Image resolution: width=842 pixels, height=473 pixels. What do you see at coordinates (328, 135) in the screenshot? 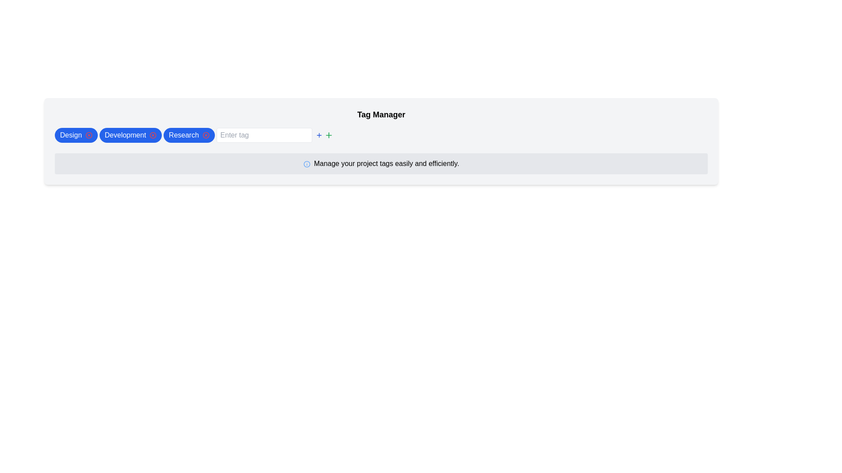
I see `the small green plus icon button located to the far right of the 'Enter tag' input field` at bounding box center [328, 135].